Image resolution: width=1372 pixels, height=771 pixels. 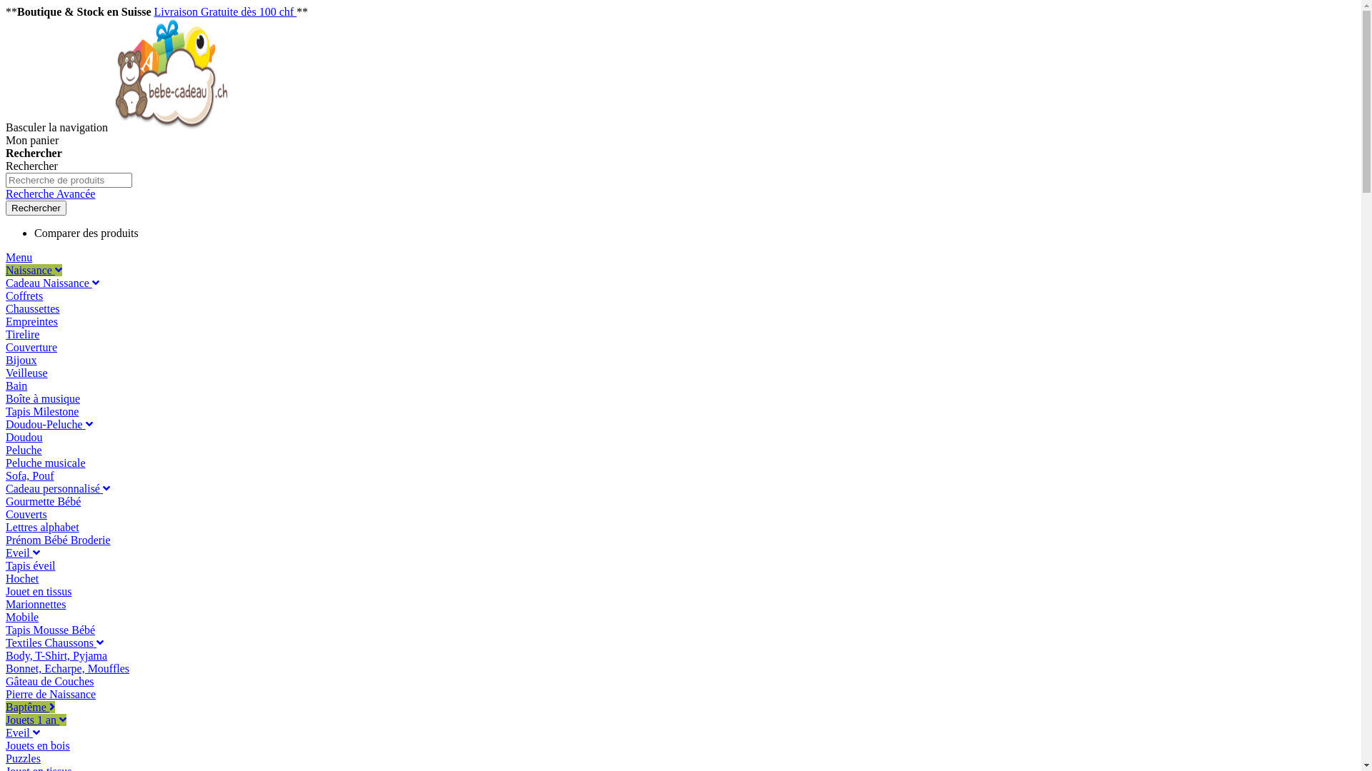 I want to click on 'Eveil', so click(x=23, y=552).